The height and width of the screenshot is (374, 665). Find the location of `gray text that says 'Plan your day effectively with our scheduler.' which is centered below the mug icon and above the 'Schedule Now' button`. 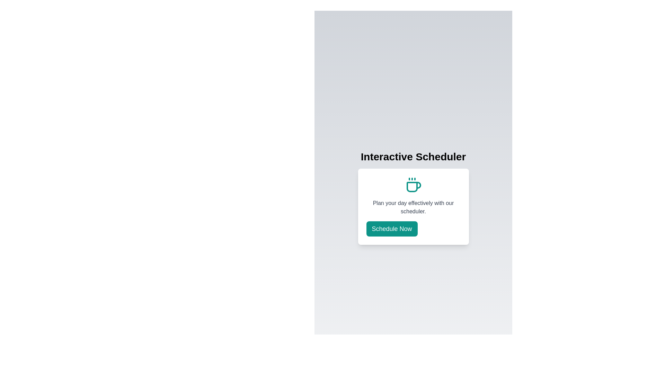

gray text that says 'Plan your day effectively with our scheduler.' which is centered below the mug icon and above the 'Schedule Now' button is located at coordinates (413, 207).